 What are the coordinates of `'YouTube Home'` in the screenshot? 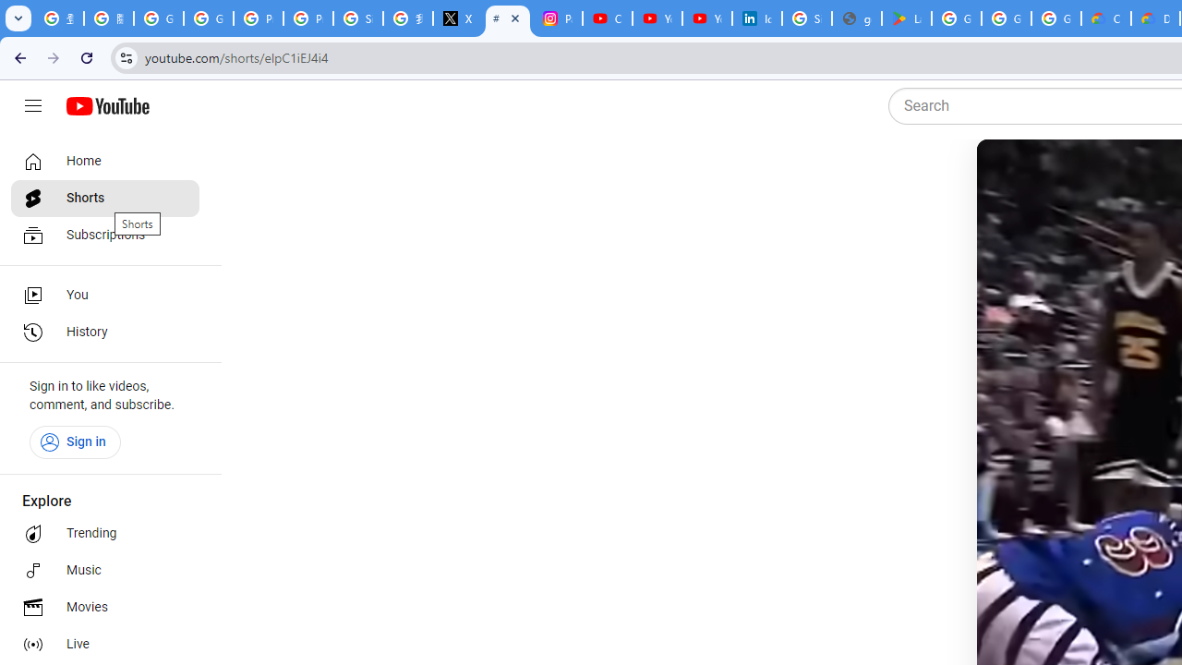 It's located at (106, 106).